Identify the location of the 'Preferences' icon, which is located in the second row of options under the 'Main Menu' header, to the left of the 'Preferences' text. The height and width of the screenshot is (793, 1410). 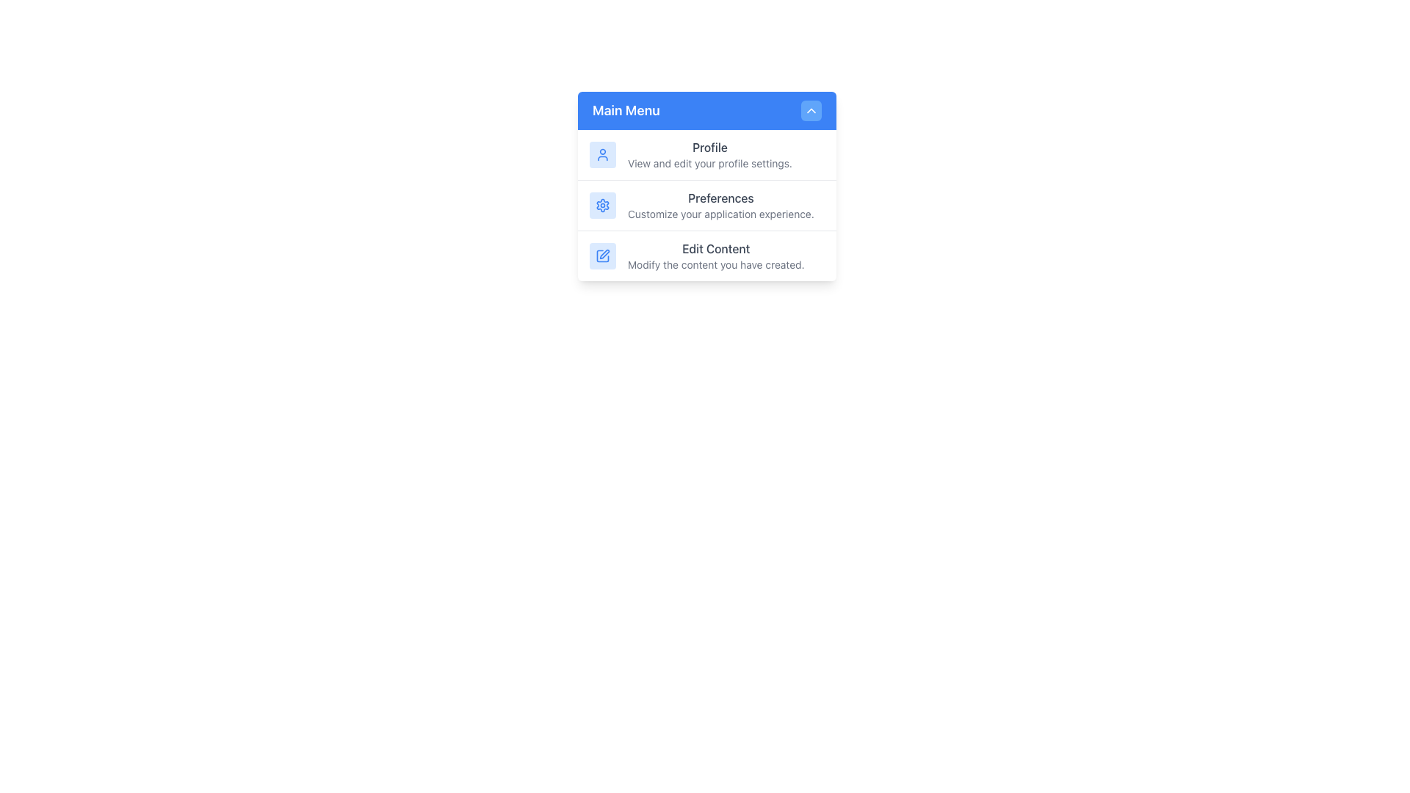
(602, 206).